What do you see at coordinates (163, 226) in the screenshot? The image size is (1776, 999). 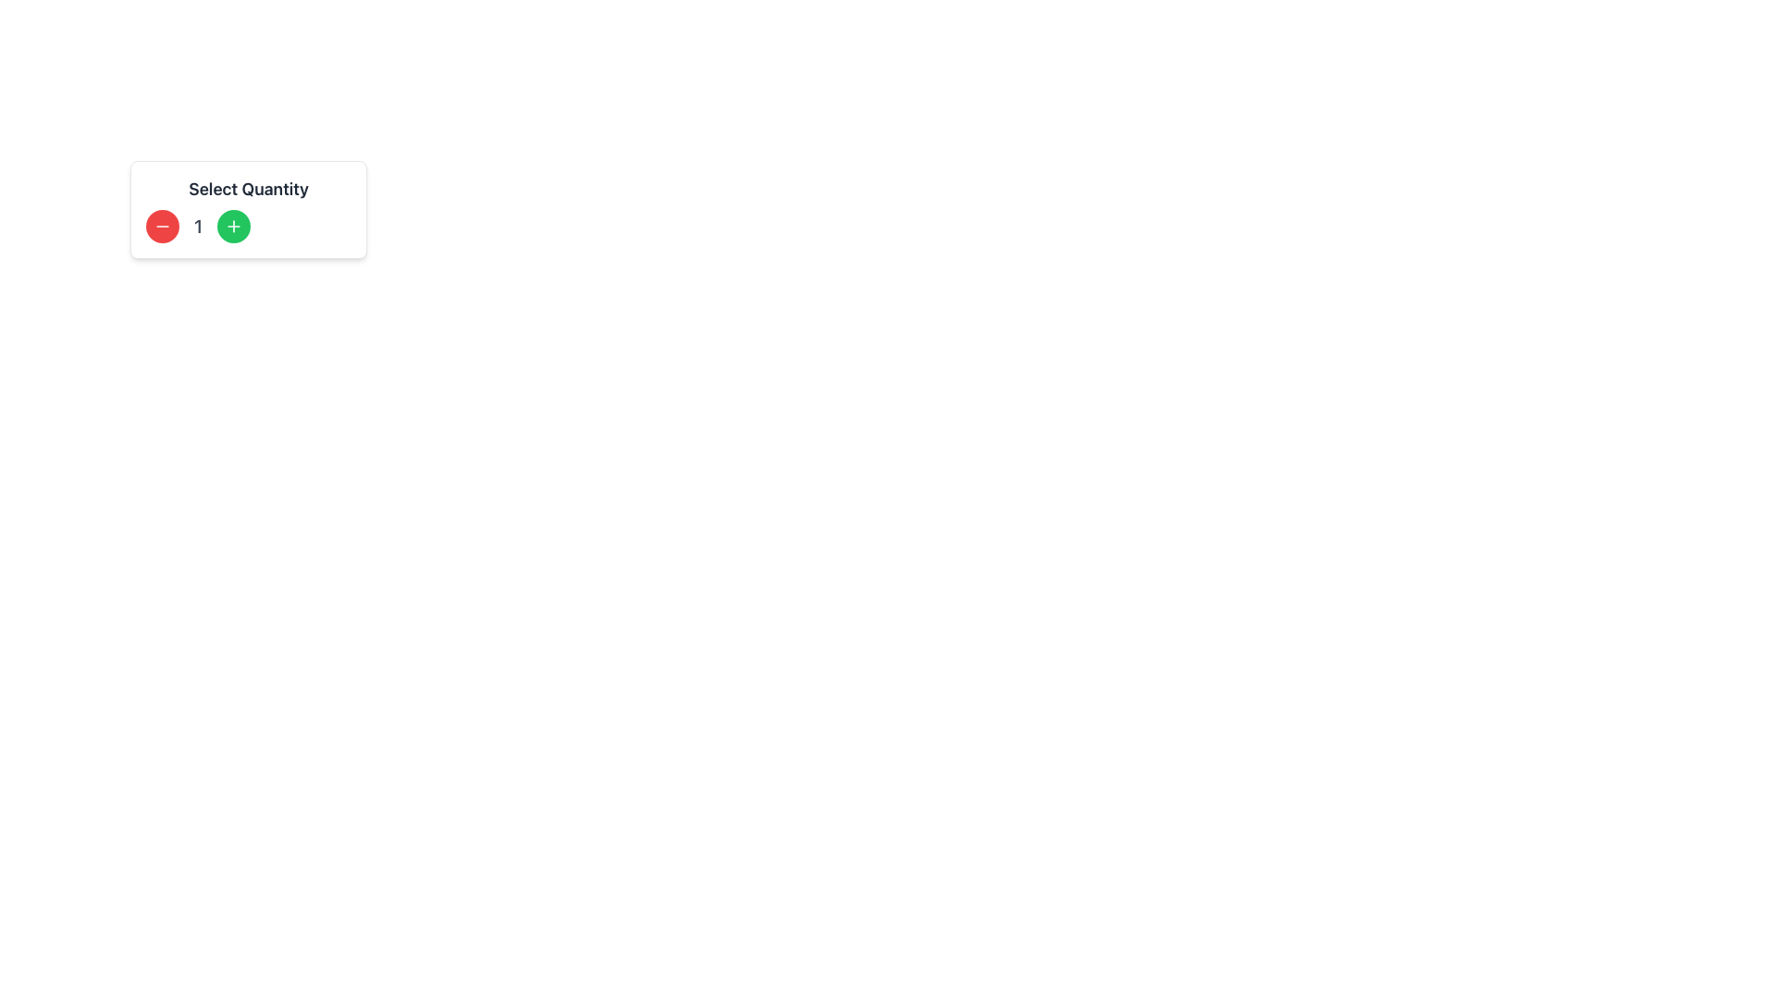 I see `the red circular button with a minus sign ('-') to decrease the quantity in the quantity selector interface` at bounding box center [163, 226].